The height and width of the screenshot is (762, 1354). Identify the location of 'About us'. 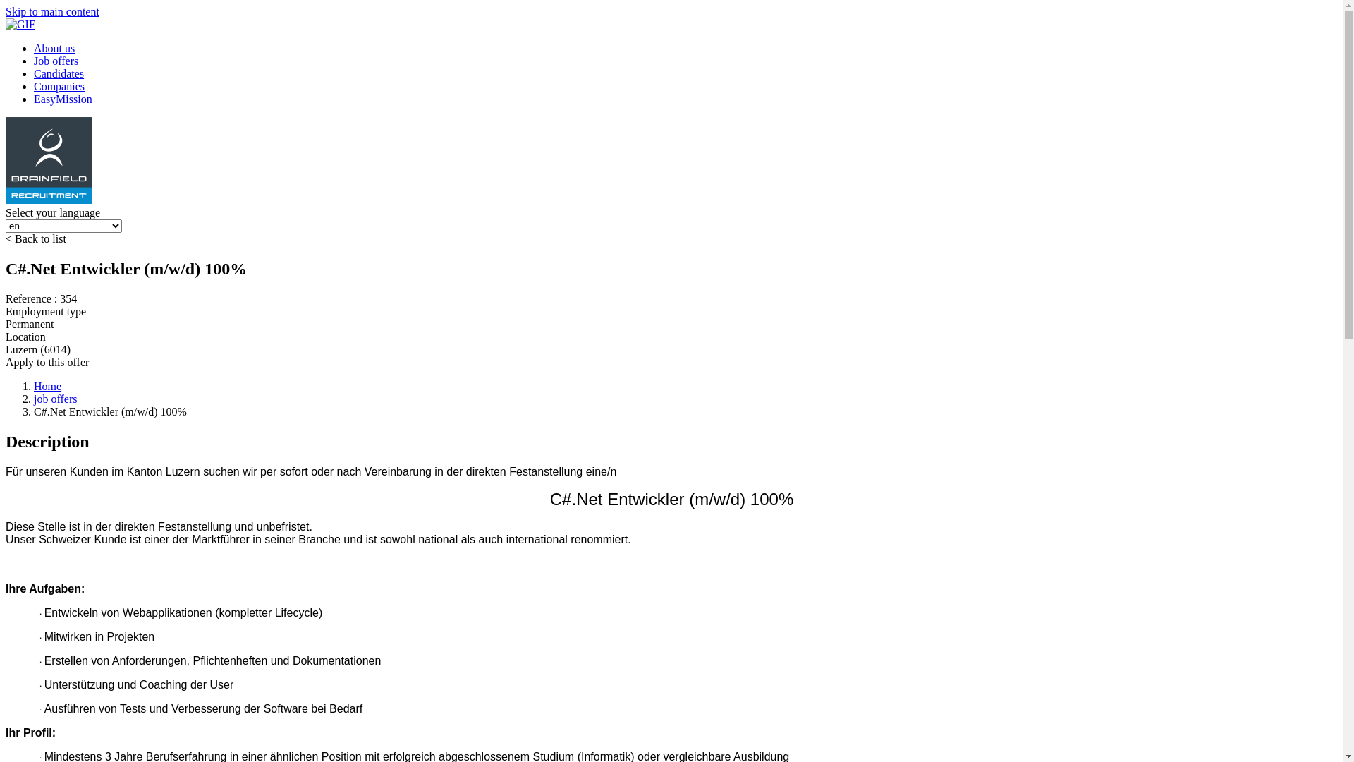
(54, 47).